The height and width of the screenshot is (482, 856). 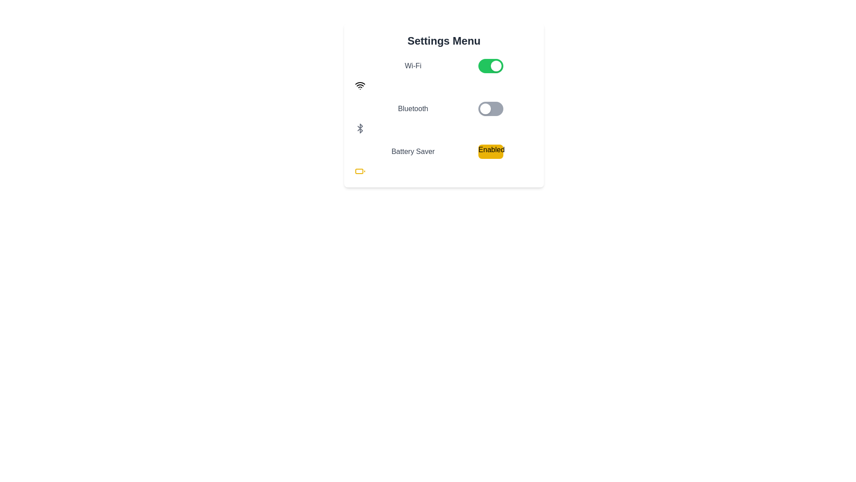 What do you see at coordinates (444, 117) in the screenshot?
I see `the Bluetooth toggle switch located between the Wi-Fi and Battery Saver toggle switches` at bounding box center [444, 117].